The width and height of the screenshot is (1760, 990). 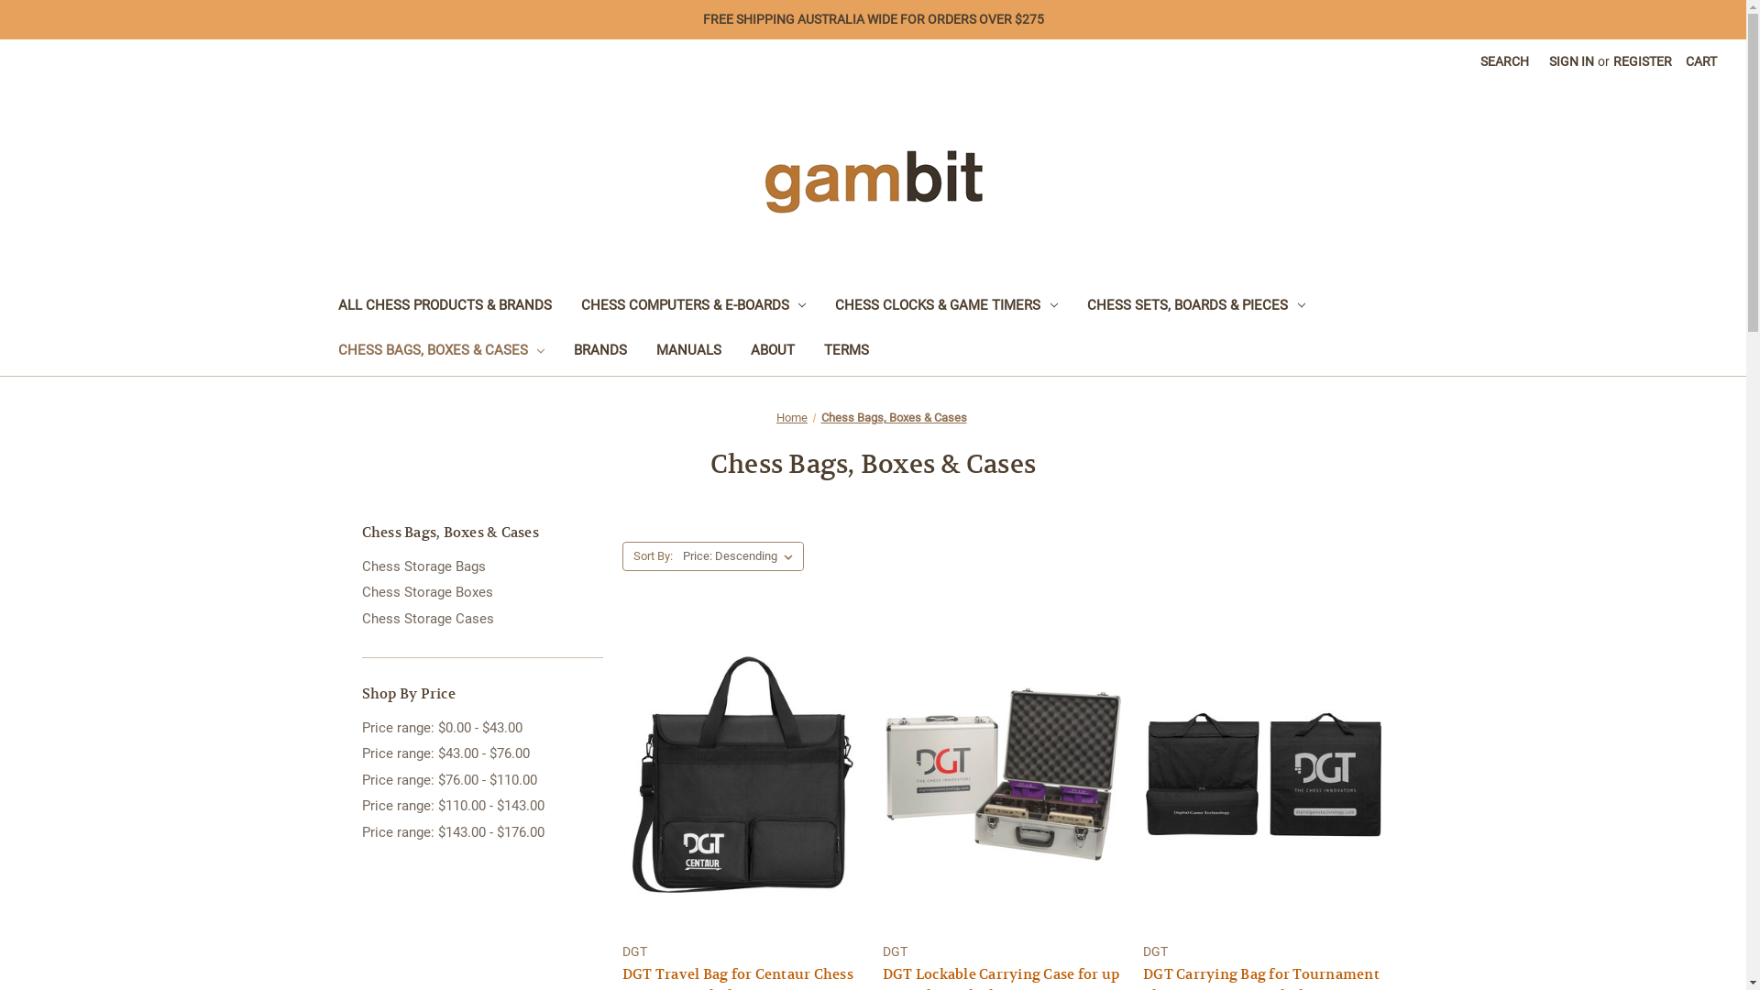 I want to click on 'Price range: $43.00 - $76.00', so click(x=481, y=753).